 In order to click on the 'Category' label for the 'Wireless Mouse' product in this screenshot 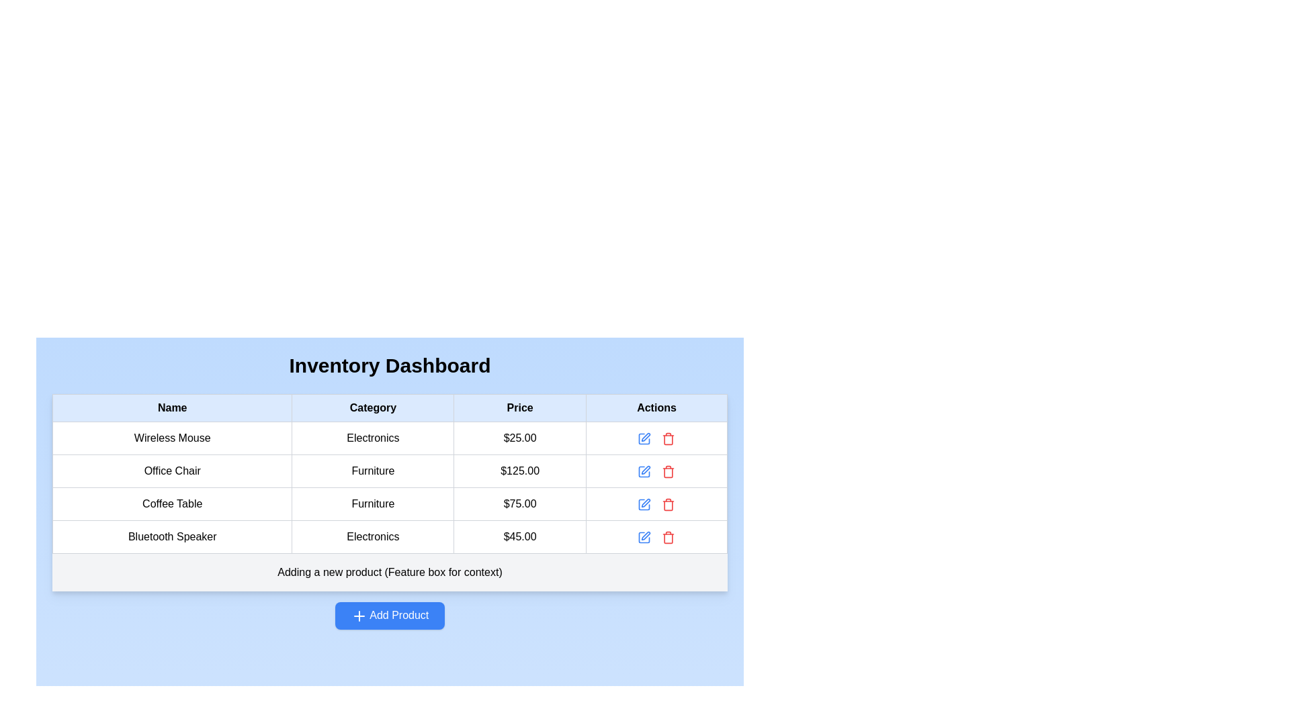, I will do `click(373, 438)`.